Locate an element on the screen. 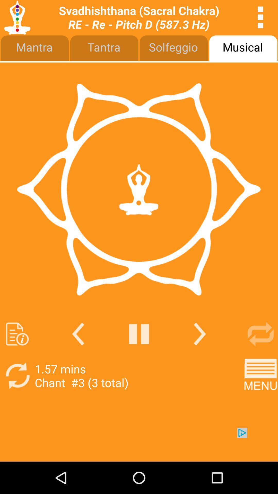 This screenshot has width=278, height=494. settings button is located at coordinates (260, 17).